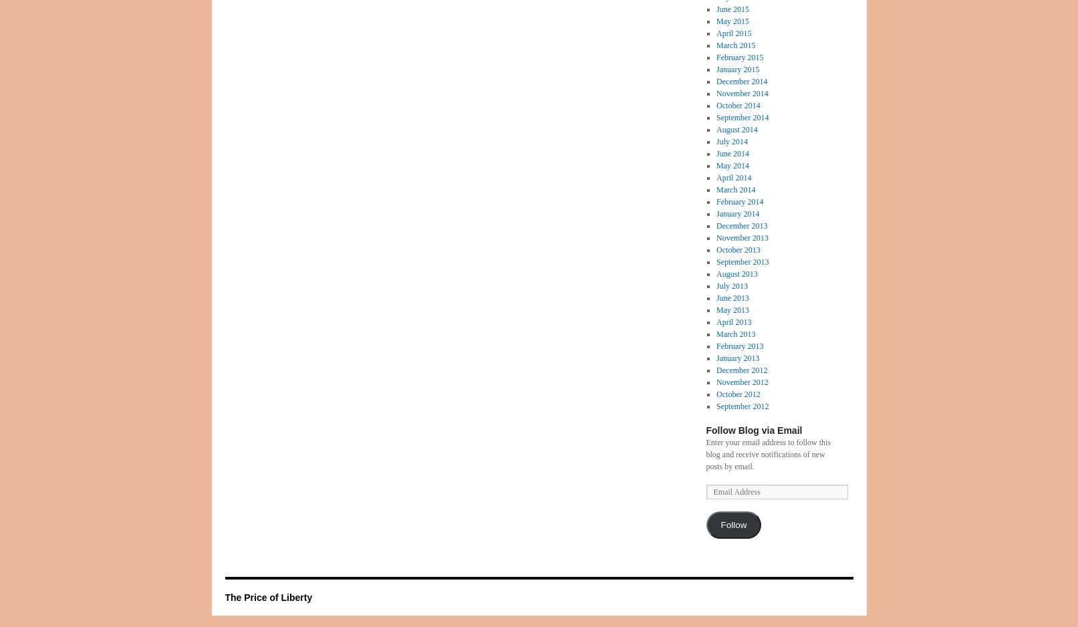 This screenshot has width=1078, height=627. What do you see at coordinates (736, 128) in the screenshot?
I see `'August 2014'` at bounding box center [736, 128].